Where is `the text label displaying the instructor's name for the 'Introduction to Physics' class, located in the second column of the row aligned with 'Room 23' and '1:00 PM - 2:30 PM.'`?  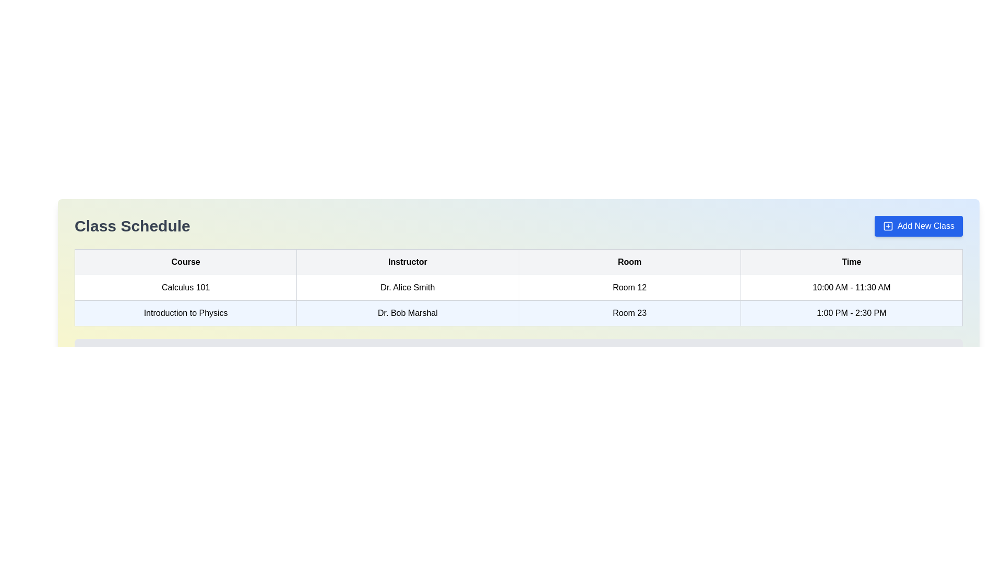
the text label displaying the instructor's name for the 'Introduction to Physics' class, located in the second column of the row aligned with 'Room 23' and '1:00 PM - 2:30 PM.' is located at coordinates (407, 313).